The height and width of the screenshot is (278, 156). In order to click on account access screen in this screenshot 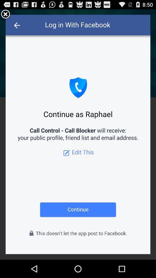, I will do `click(5, 14)`.